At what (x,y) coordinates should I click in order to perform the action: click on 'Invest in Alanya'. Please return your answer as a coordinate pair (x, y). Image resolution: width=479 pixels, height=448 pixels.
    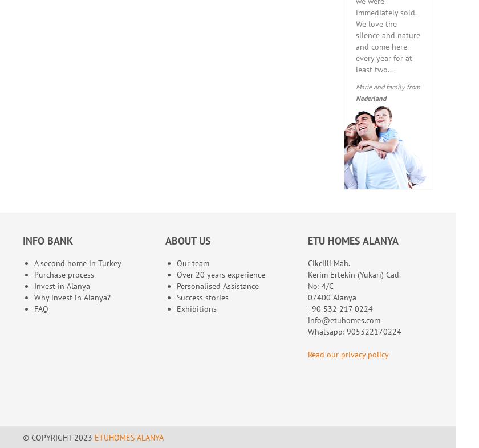
    Looking at the image, I should click on (62, 286).